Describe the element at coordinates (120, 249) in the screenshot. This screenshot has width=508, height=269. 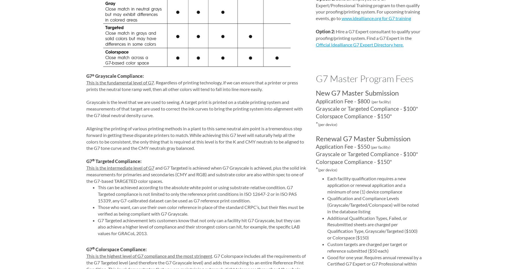
I see `'Colorspace Compliance:'` at that location.